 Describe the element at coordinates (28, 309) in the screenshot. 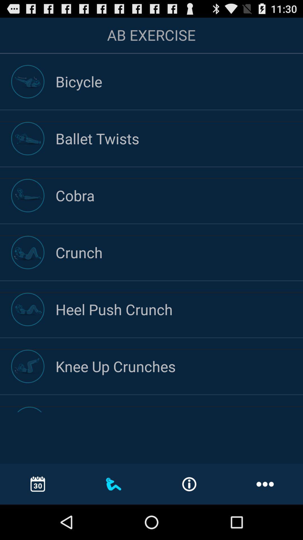

I see `the circle which is left hand side of heel push crunch` at that location.